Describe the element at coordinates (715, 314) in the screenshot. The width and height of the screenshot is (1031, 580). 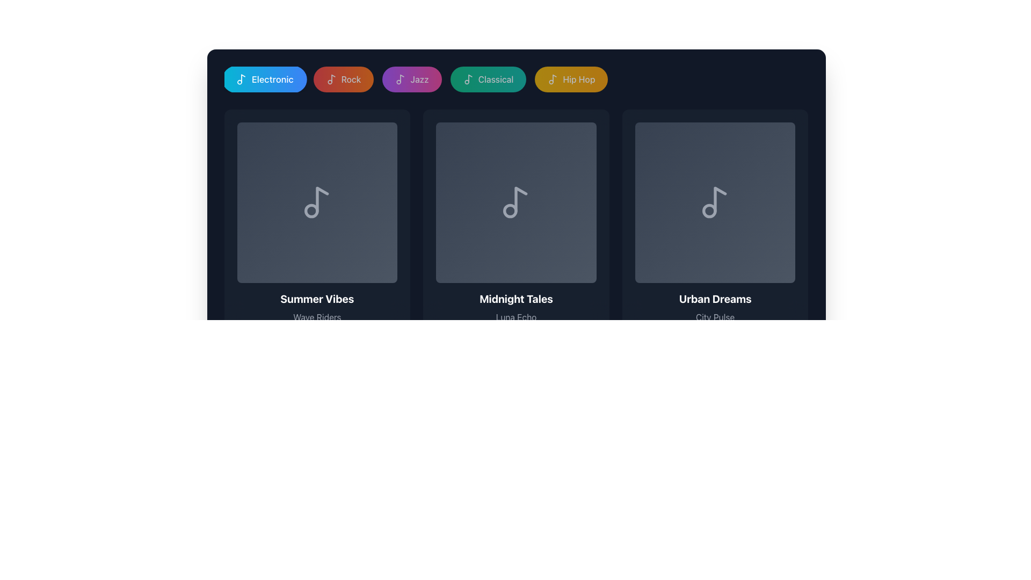
I see `informative text block titled 'Urban Dreams' located in the bottom-right region of the third visual card, containing the subtitle 'City Pulse' and footer '42:20 8 tracks'` at that location.